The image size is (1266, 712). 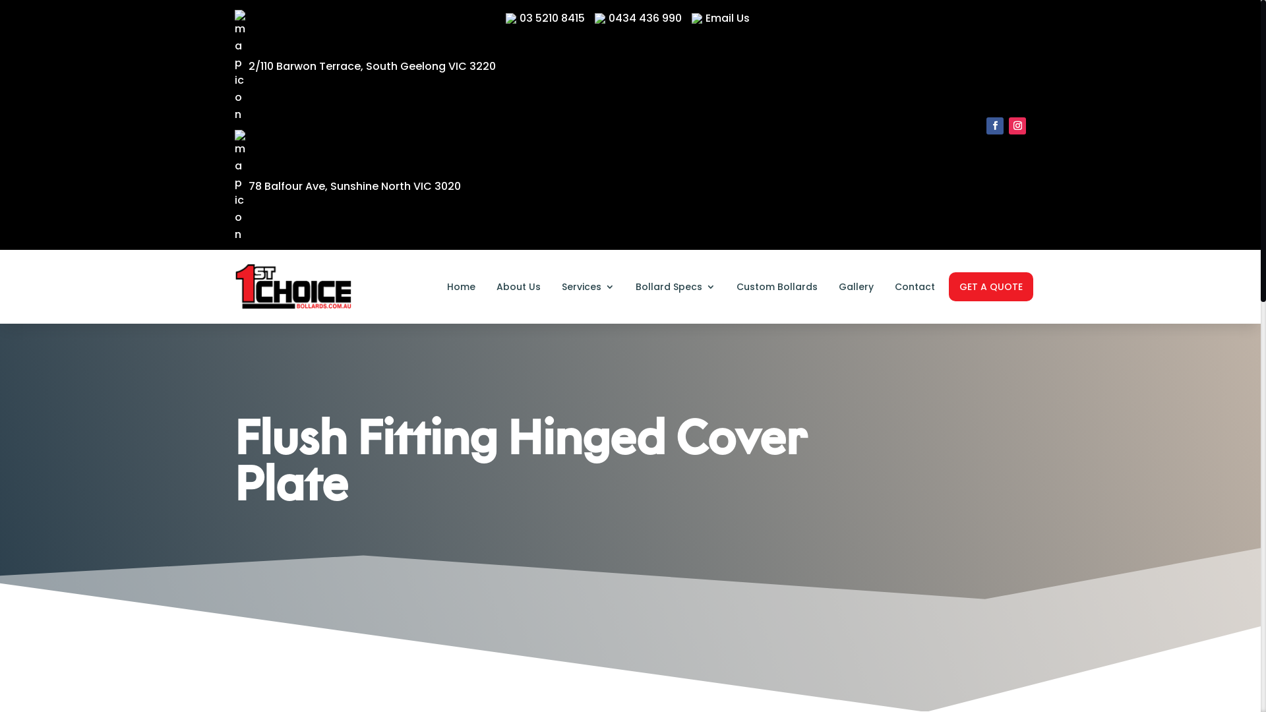 I want to click on '03 5210 8415', so click(x=545, y=18).